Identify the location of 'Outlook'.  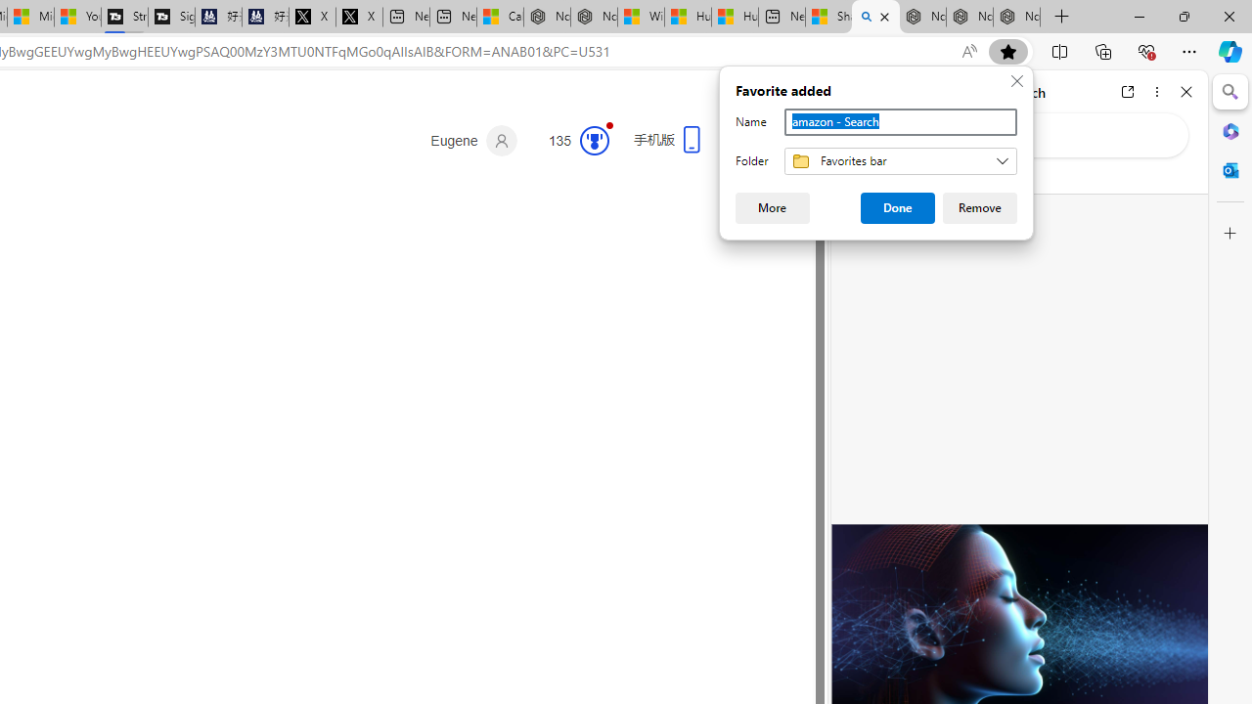
(1230, 169).